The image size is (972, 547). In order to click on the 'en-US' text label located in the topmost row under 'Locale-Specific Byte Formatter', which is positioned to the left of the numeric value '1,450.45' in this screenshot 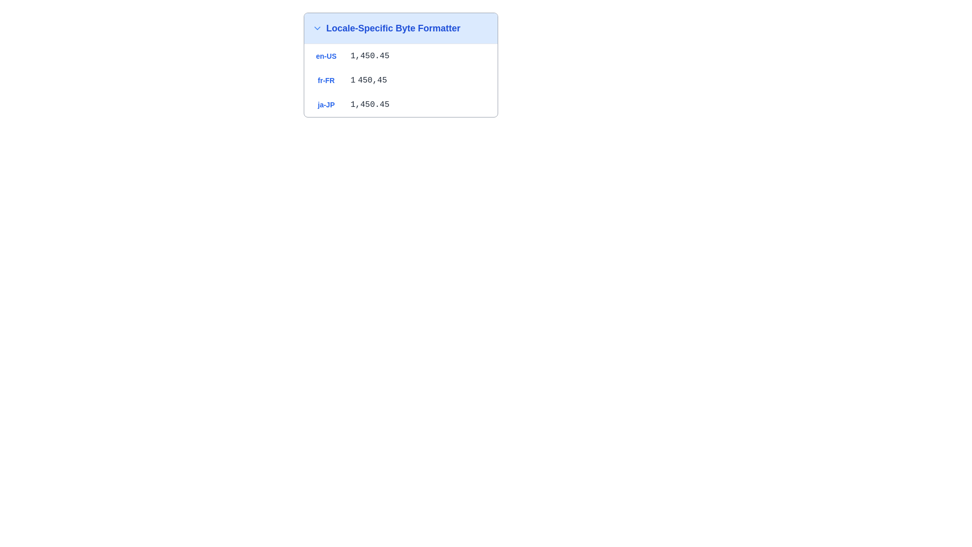, I will do `click(326, 56)`.